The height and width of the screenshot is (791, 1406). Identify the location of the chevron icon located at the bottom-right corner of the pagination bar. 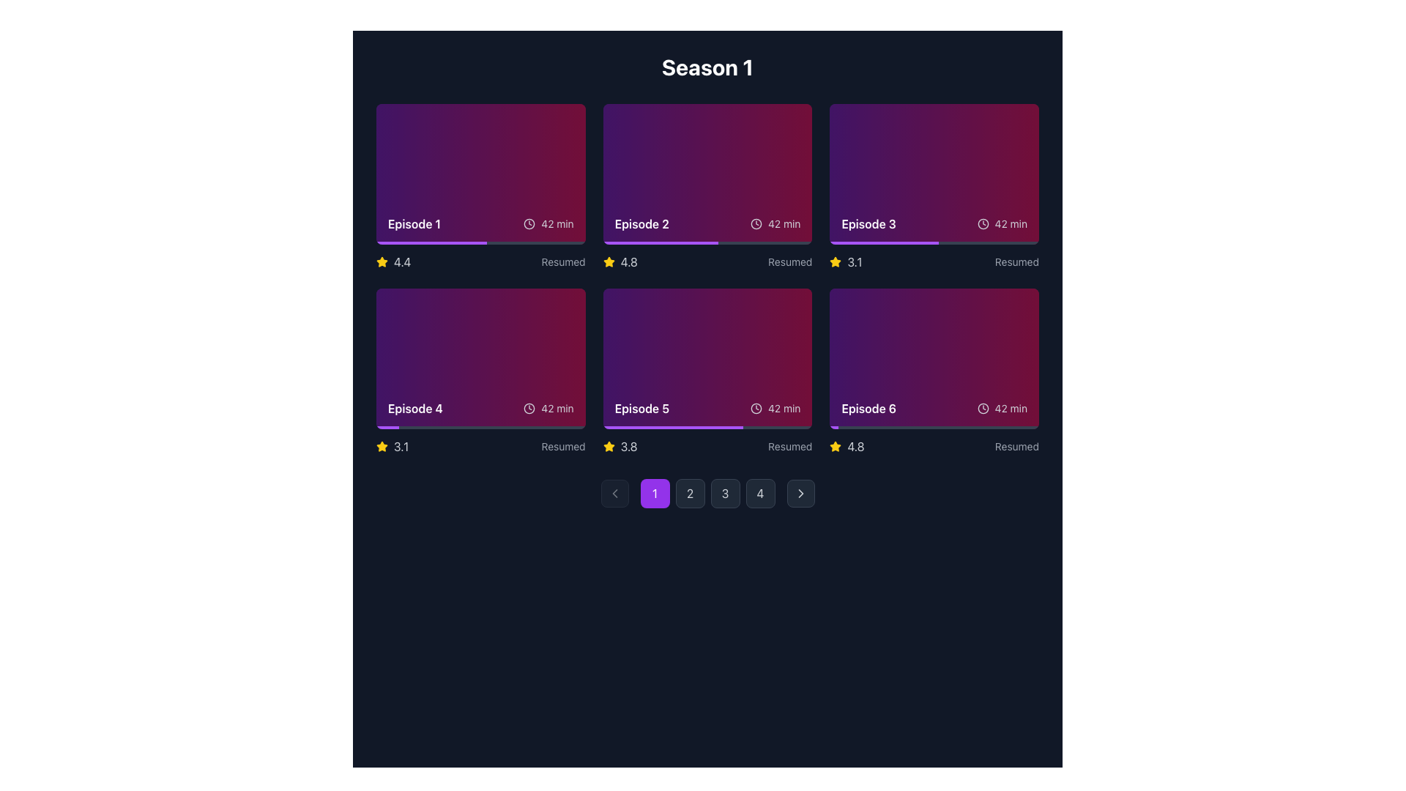
(800, 494).